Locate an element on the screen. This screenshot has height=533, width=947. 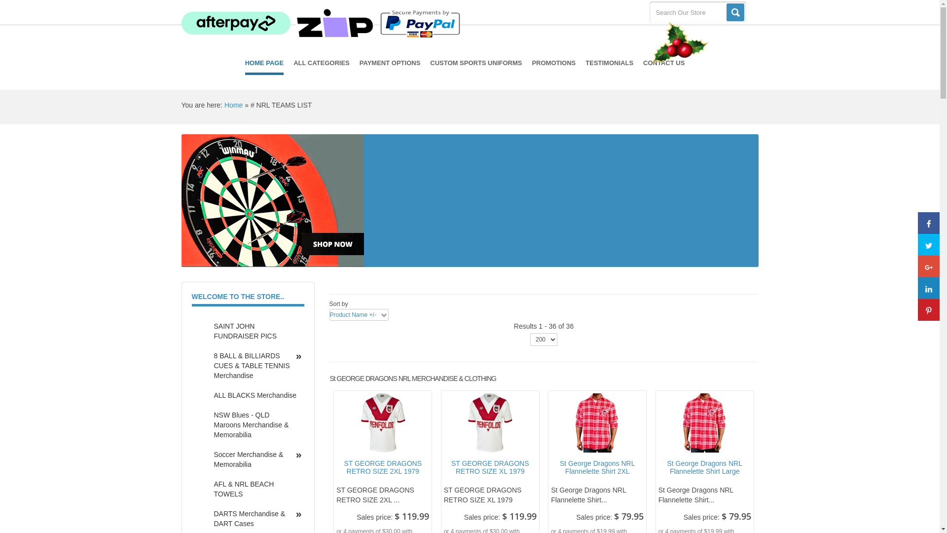
'PROMOTIONS' is located at coordinates (553, 63).